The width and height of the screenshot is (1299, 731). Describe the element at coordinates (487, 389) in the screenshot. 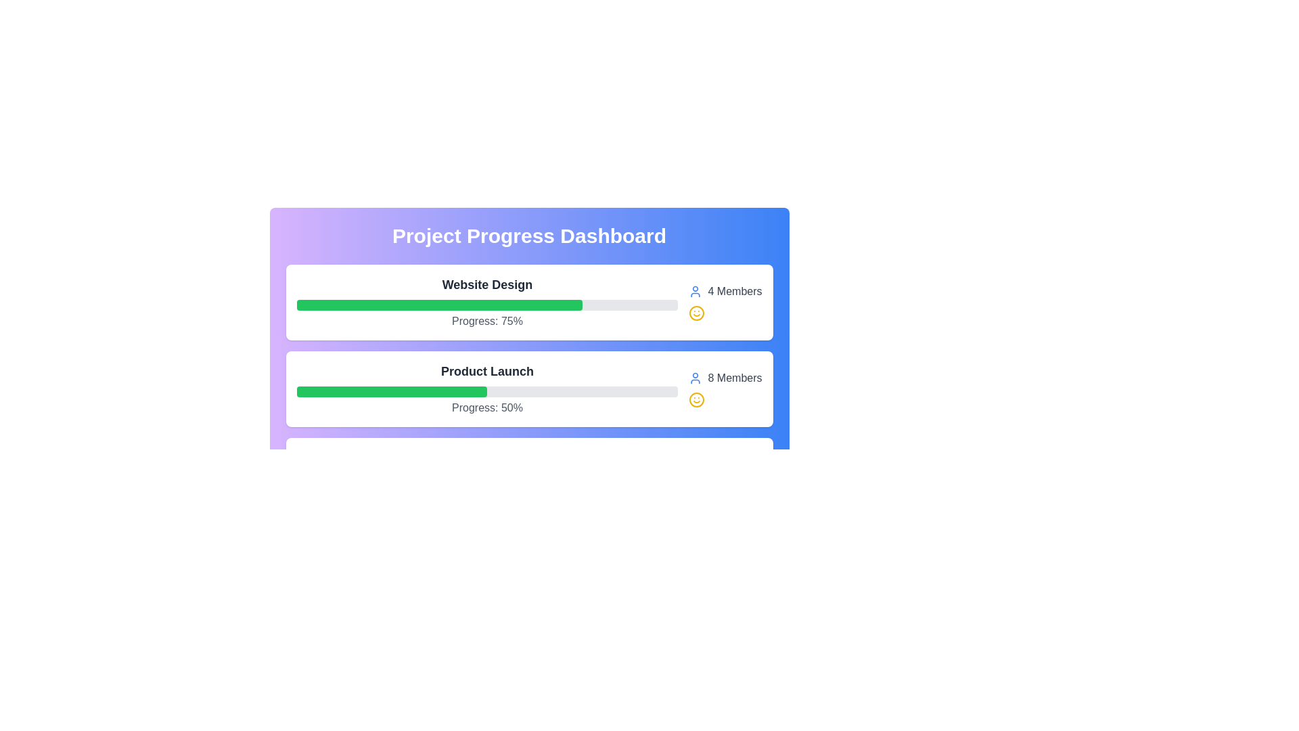

I see `the Progress Bar representing the completion status of the 'Product Launch' task, located in the second card of a vertical stack of progress tracking cards` at that location.